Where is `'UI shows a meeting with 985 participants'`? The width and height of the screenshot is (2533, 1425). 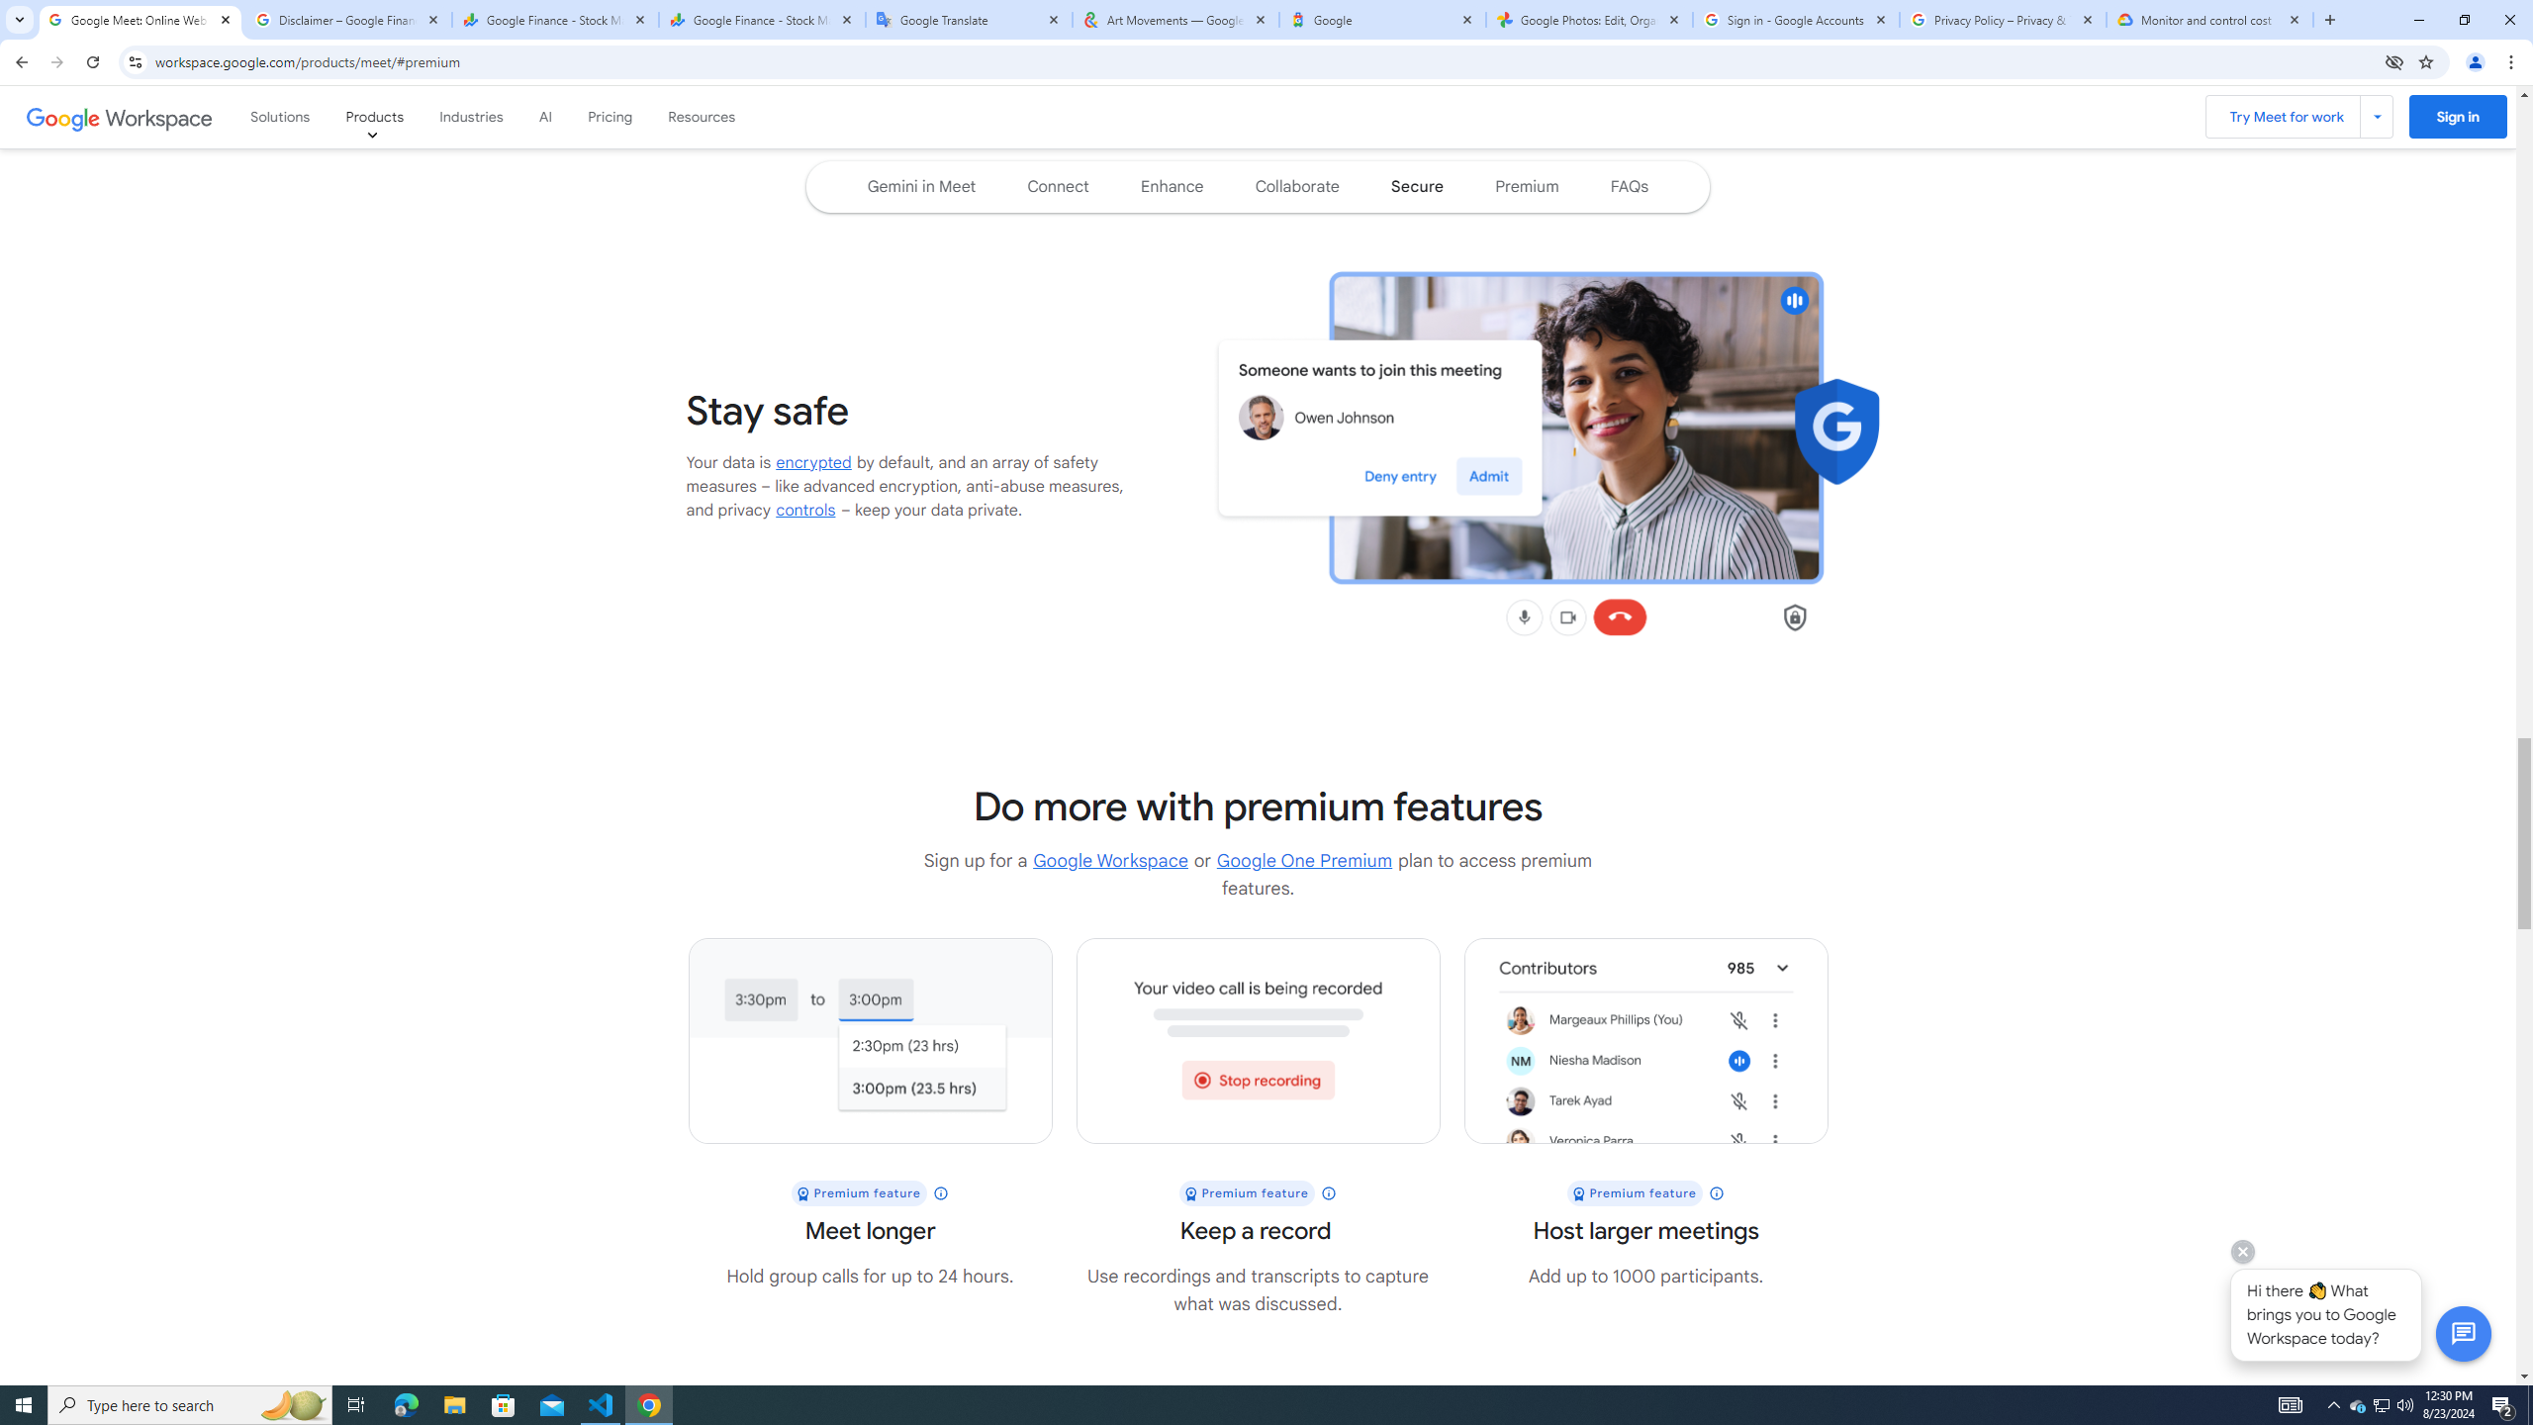 'UI shows a meeting with 985 participants' is located at coordinates (1645, 1039).